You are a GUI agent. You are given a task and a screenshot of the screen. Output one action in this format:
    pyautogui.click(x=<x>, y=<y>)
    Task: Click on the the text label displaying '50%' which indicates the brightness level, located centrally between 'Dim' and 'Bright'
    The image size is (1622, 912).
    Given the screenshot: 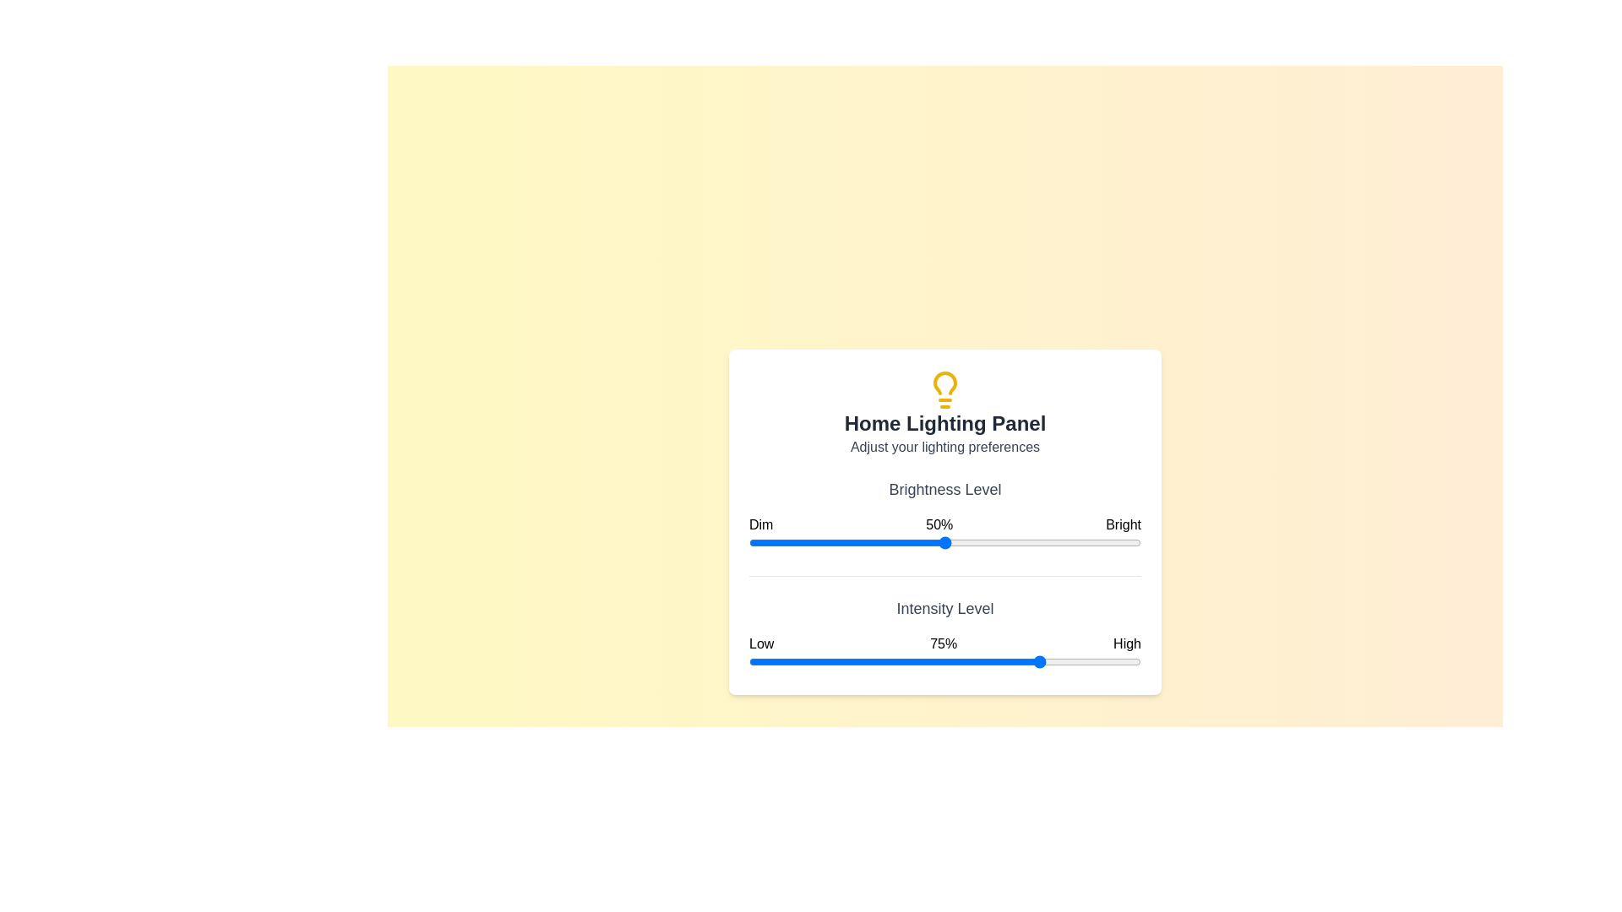 What is the action you would take?
    pyautogui.click(x=939, y=524)
    